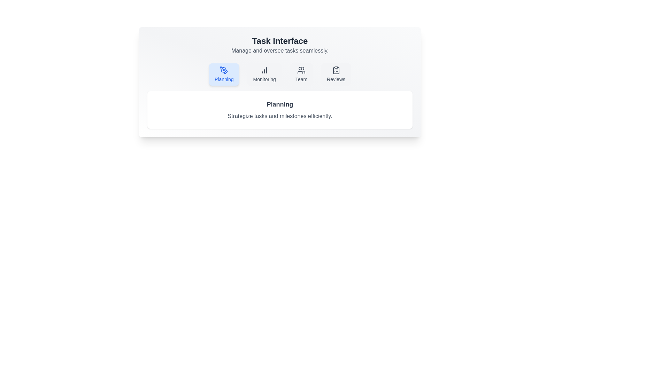 The height and width of the screenshot is (376, 669). Describe the element at coordinates (224, 74) in the screenshot. I see `the tab labeled Planning to see the UI feedback` at that location.